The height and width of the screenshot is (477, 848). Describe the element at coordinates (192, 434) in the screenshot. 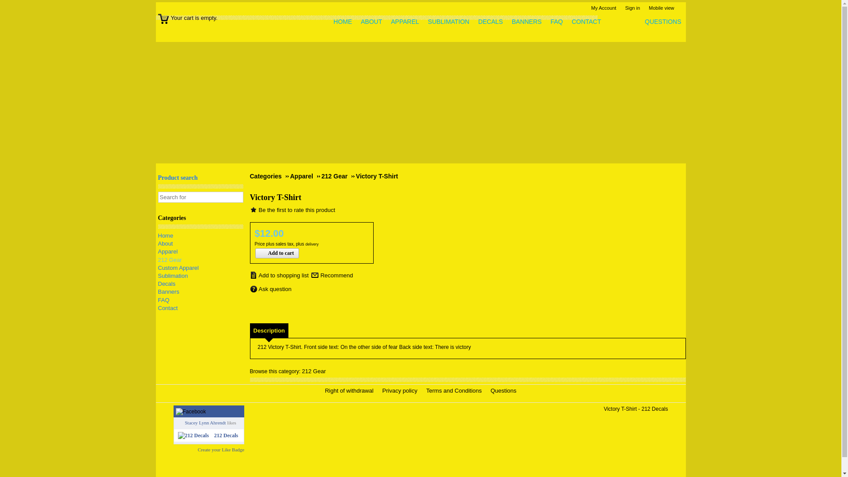

I see `'212 Decals'` at that location.